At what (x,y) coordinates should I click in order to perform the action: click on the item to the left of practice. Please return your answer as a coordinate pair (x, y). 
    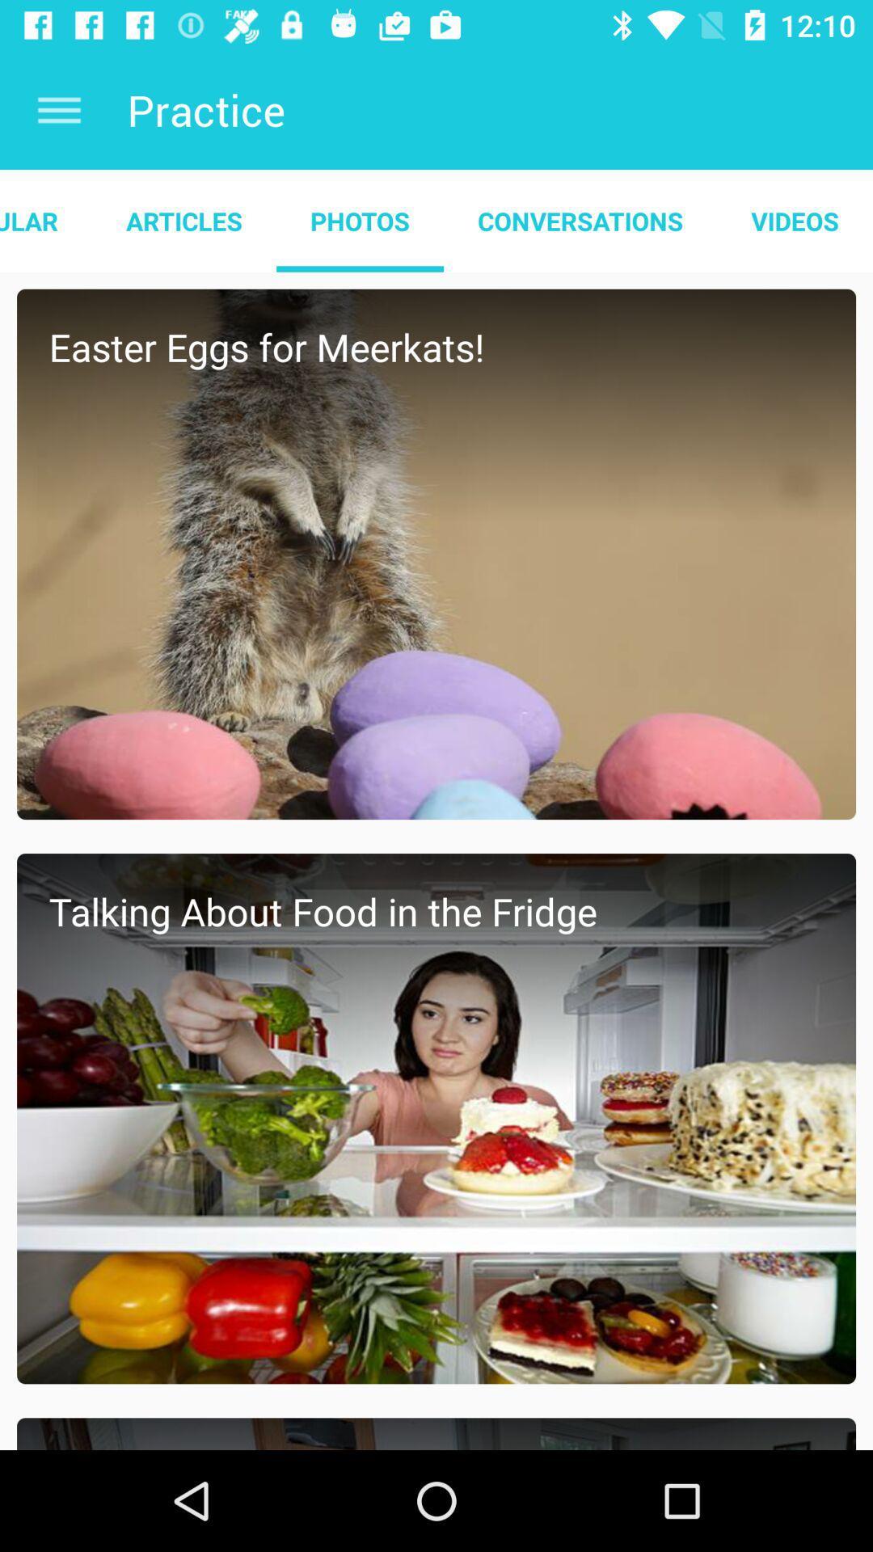
    Looking at the image, I should click on (58, 109).